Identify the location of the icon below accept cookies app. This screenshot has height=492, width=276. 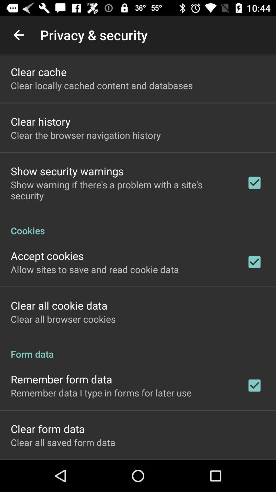
(95, 269).